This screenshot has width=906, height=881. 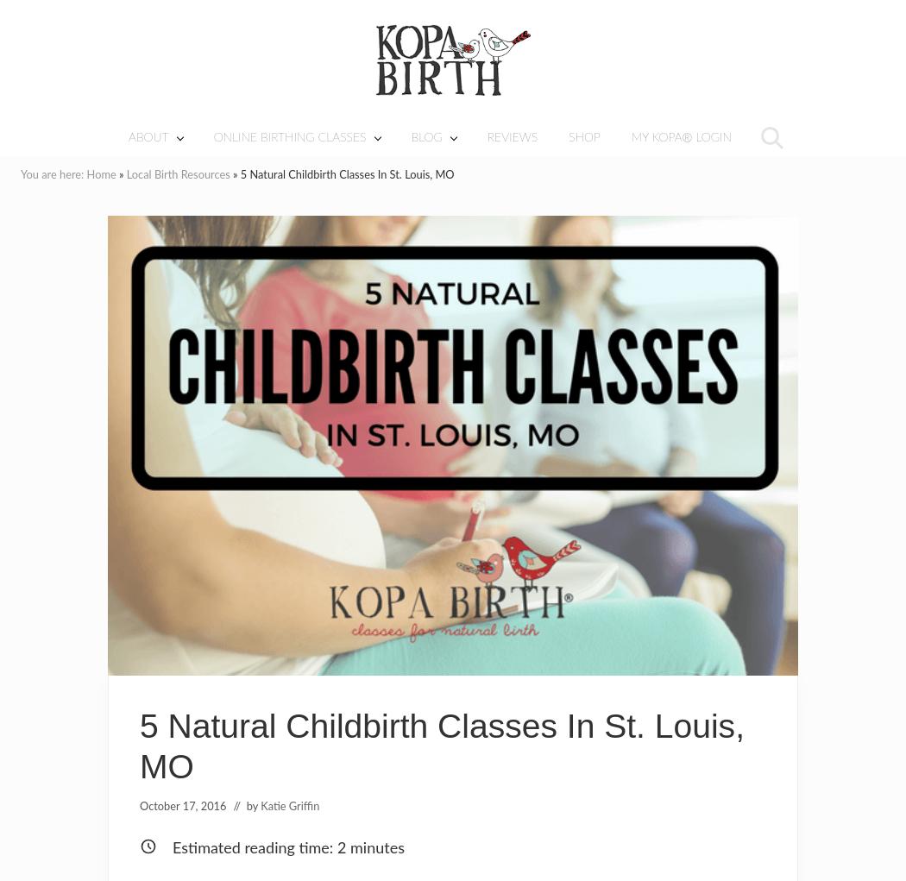 What do you see at coordinates (584, 136) in the screenshot?
I see `'SHOP'` at bounding box center [584, 136].